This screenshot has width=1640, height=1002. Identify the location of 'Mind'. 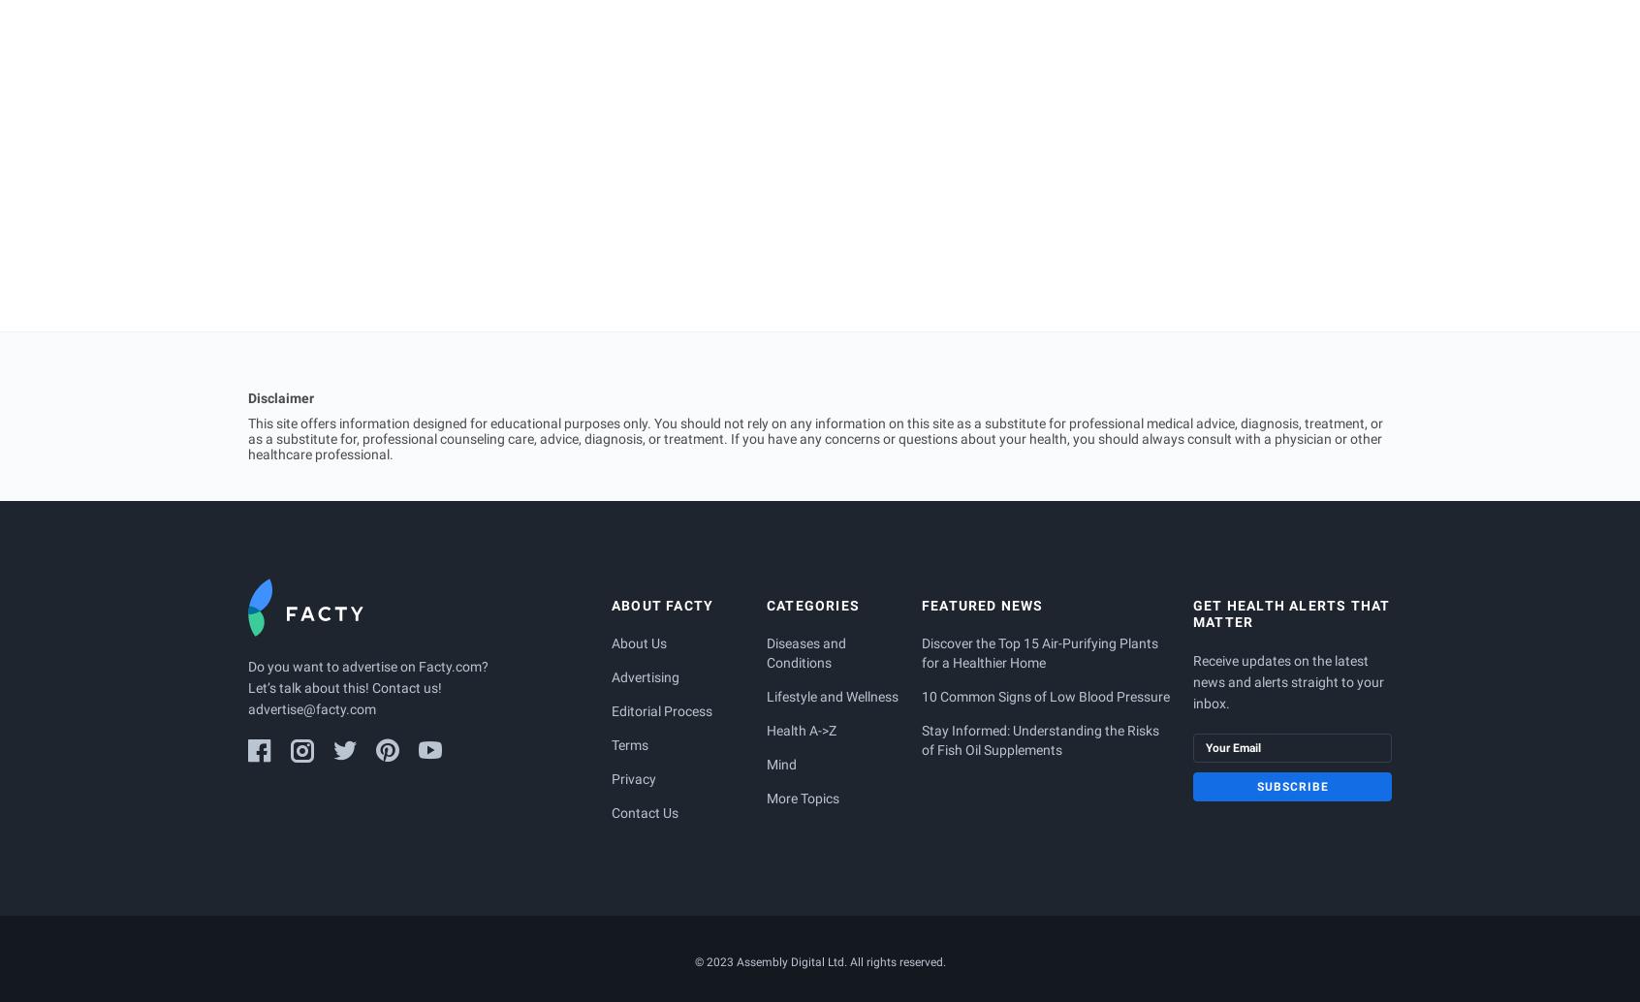
(781, 764).